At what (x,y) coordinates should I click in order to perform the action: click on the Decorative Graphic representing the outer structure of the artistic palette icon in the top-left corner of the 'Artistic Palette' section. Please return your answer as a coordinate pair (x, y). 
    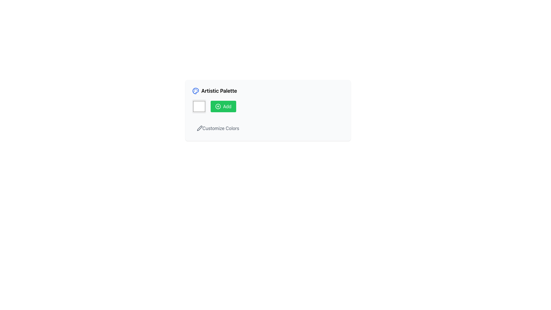
    Looking at the image, I should click on (195, 90).